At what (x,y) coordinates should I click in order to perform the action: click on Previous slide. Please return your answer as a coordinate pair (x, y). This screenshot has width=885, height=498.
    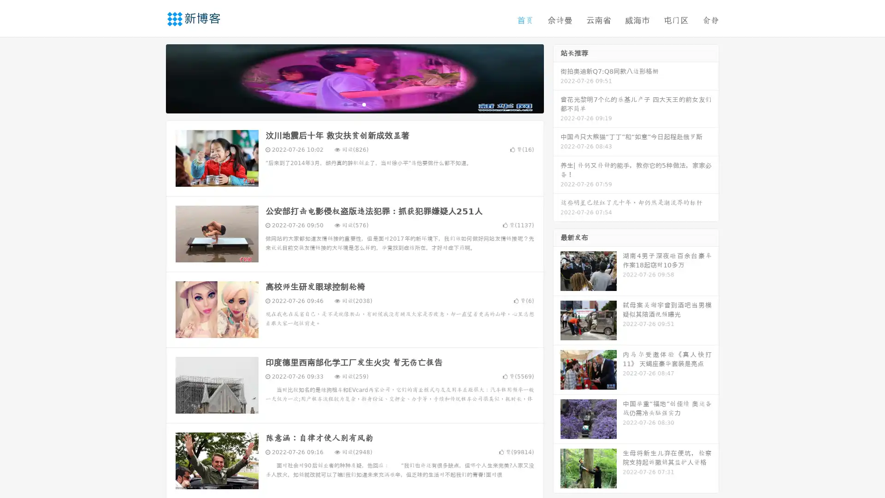
    Looking at the image, I should click on (152, 77).